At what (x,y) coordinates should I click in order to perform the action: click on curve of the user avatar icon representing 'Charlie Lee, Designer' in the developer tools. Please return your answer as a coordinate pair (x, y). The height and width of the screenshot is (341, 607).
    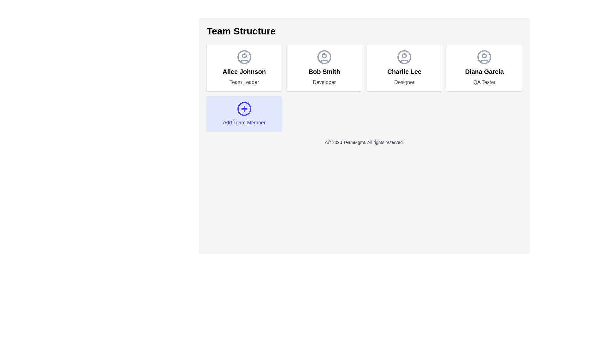
    Looking at the image, I should click on (404, 61).